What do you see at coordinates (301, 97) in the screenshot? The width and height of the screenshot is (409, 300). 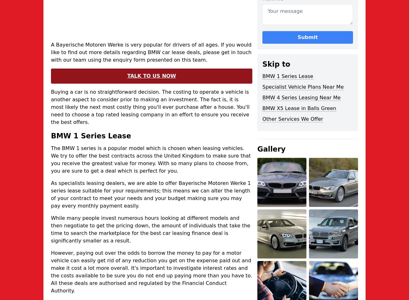 I see `'BMW 4 Series Leasing Near Me'` at bounding box center [301, 97].